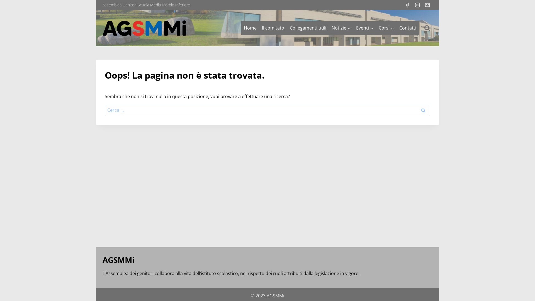 This screenshot has height=301, width=535. Describe the element at coordinates (408, 28) in the screenshot. I see `'Contatti'` at that location.